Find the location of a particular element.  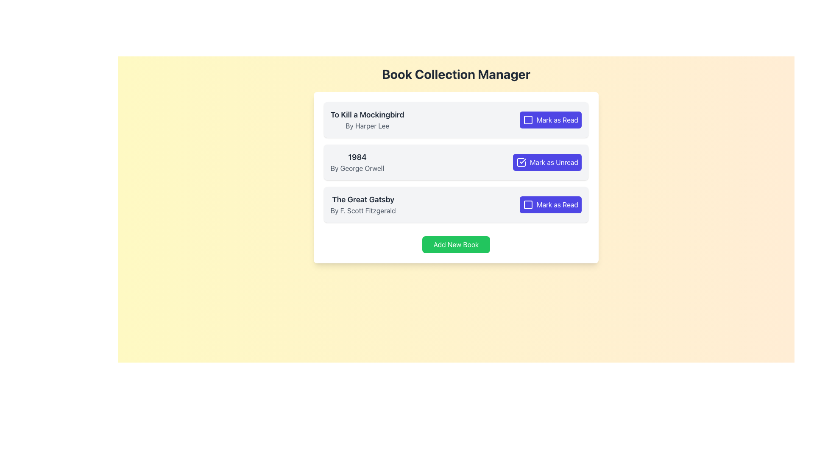

the list item for the book '1984' with the button 'Mark as Unread' is located at coordinates (455, 162).